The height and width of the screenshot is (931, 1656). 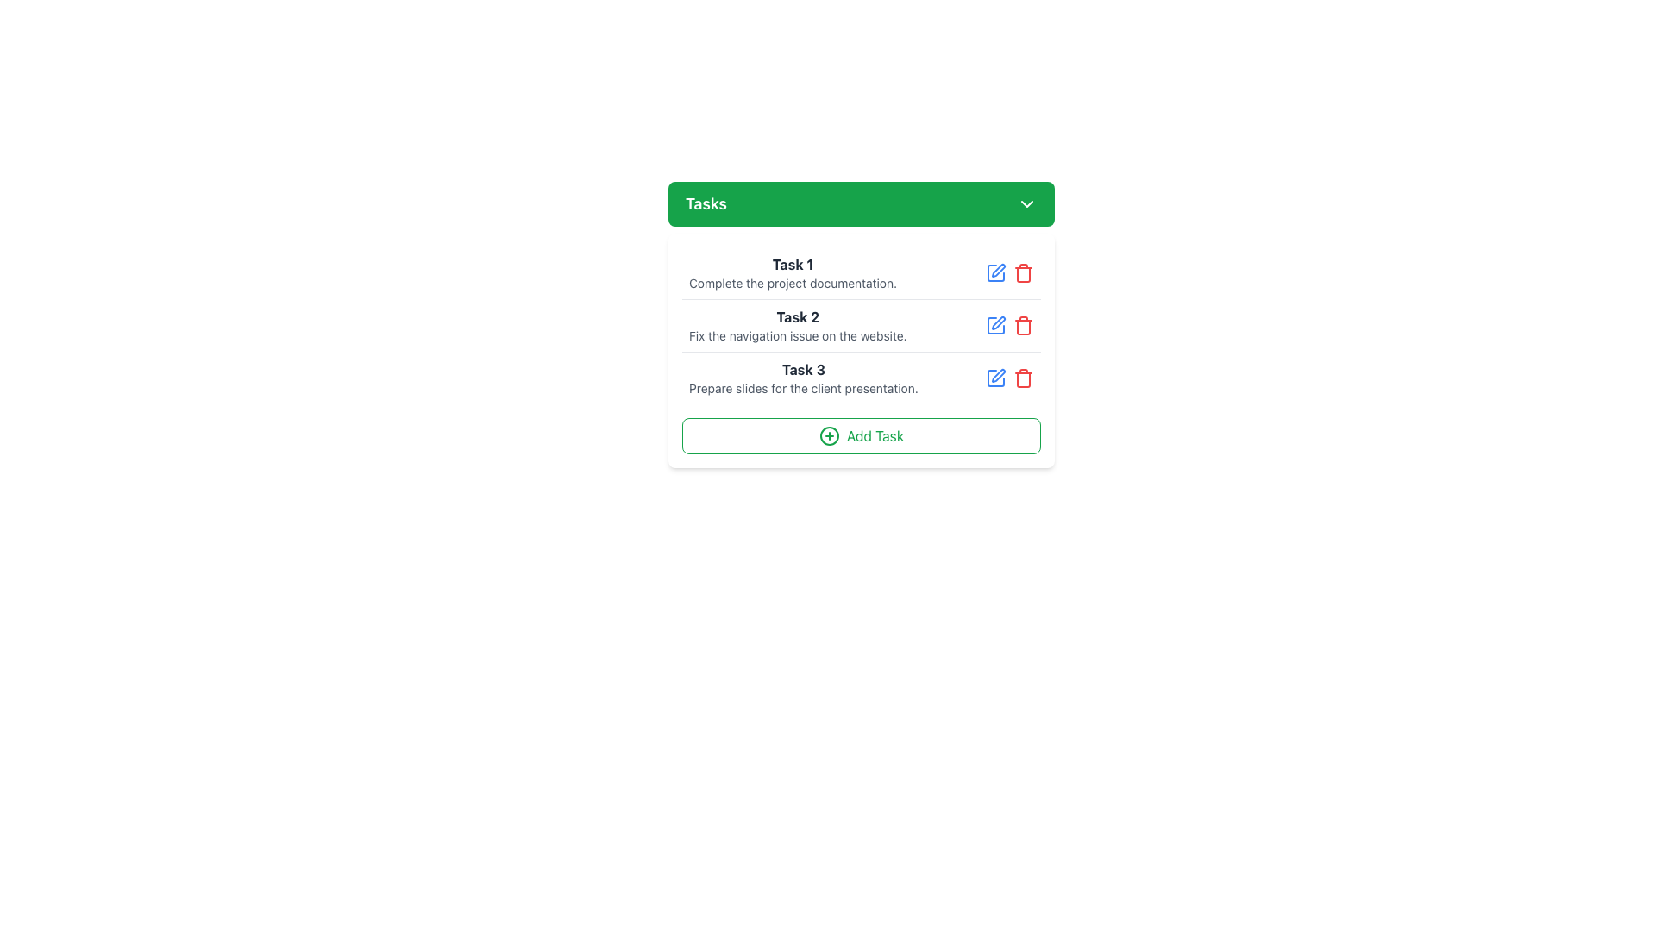 I want to click on the first Text Label in the vertical task list, so click(x=792, y=272).